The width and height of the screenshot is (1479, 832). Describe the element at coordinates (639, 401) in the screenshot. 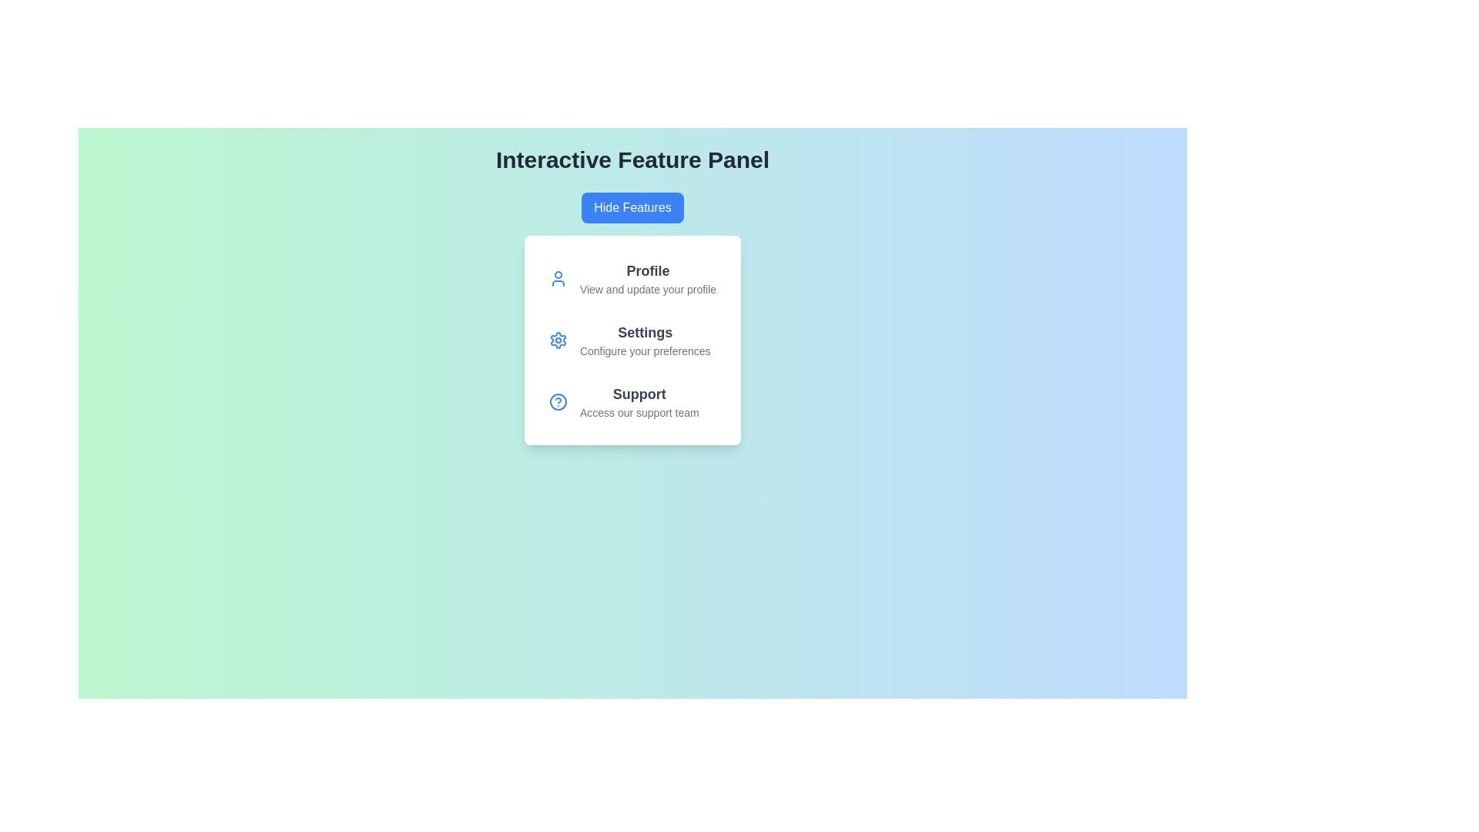

I see `the 'Support' item in the menu to access support resources` at that location.